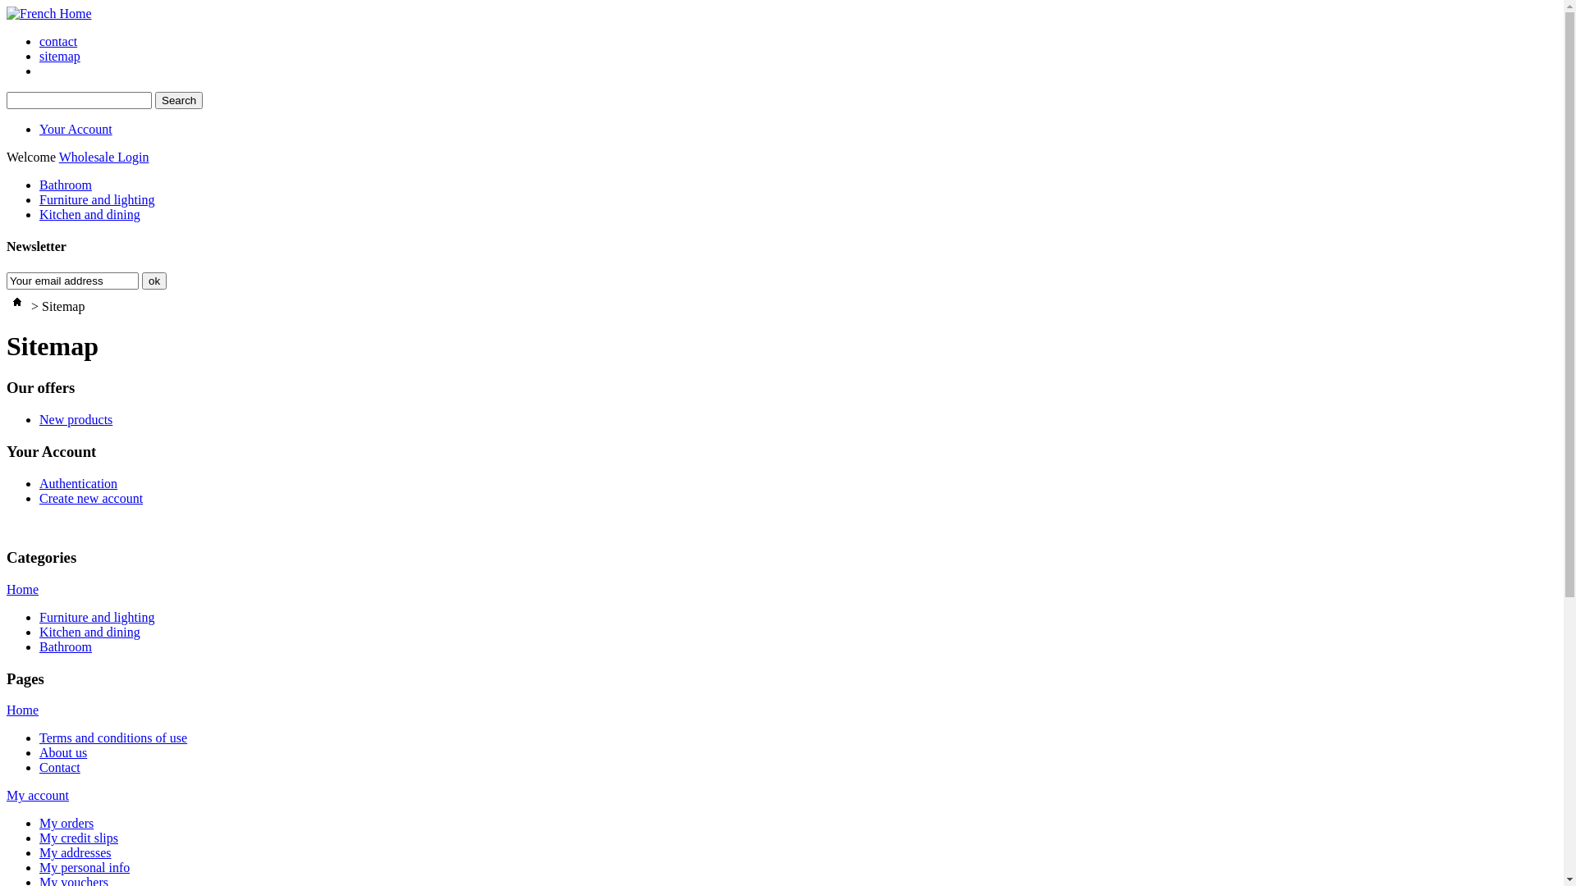 The image size is (1576, 886). What do you see at coordinates (16, 306) in the screenshot?
I see `'Return to Home'` at bounding box center [16, 306].